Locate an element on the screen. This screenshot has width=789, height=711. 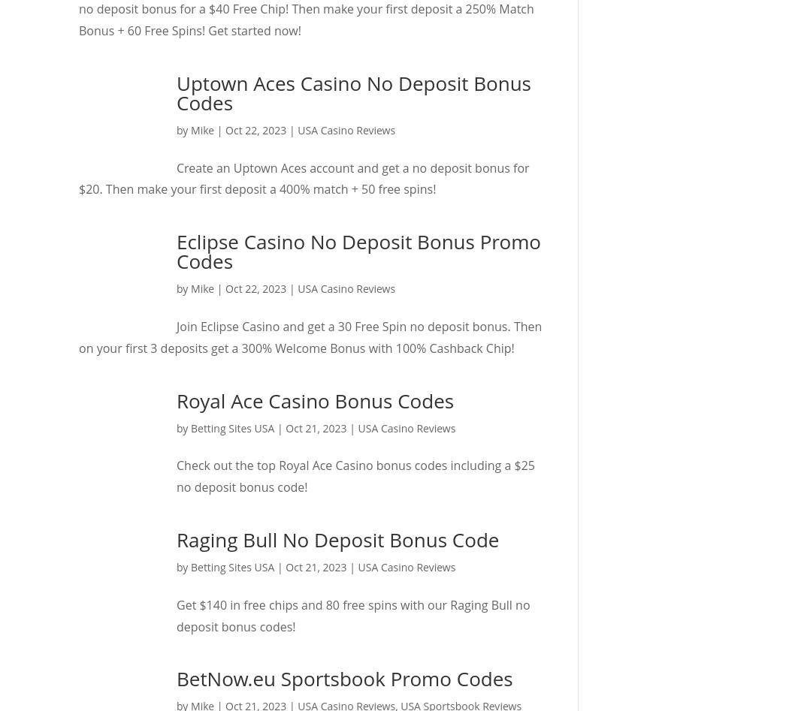
'Royal Ace Casino Bonus Codes' is located at coordinates (314, 399).